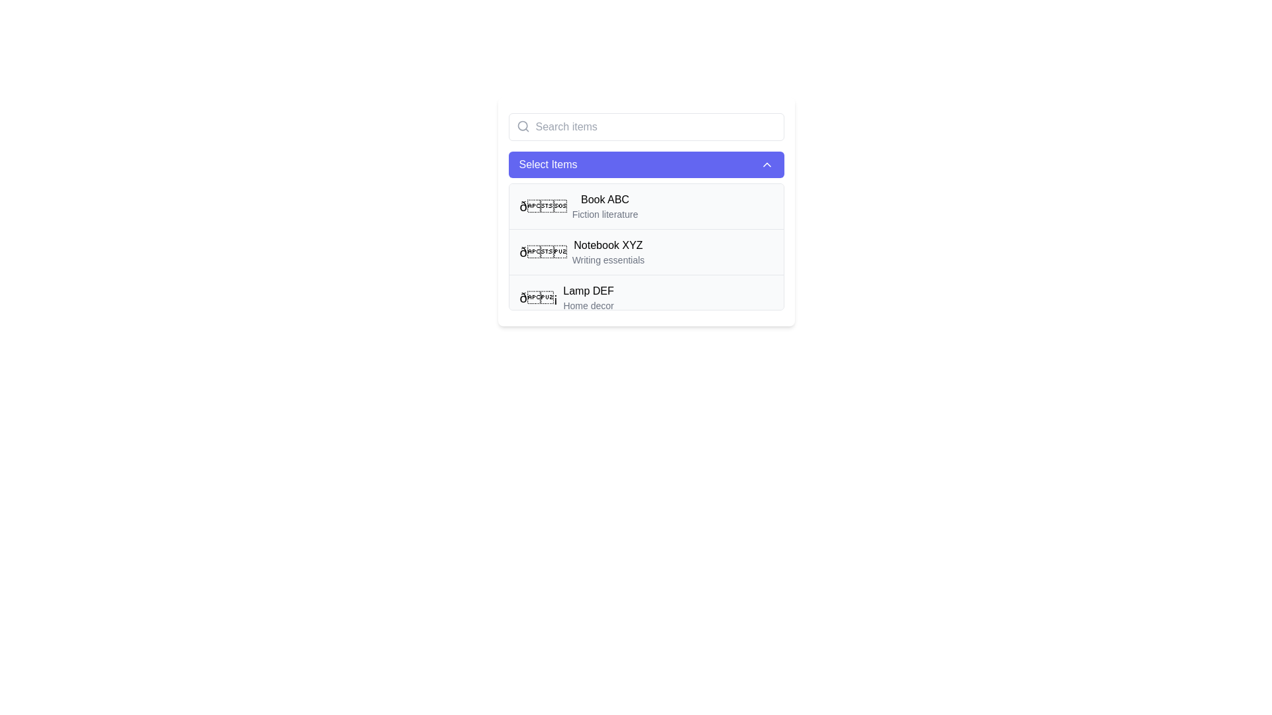 Image resolution: width=1272 pixels, height=715 pixels. I want to click on the light bulb emoji icon displayed in bold font style, which is positioned to the left of the text 'Lamp DEF' and above the descriptor 'Home decor', so click(539, 298).